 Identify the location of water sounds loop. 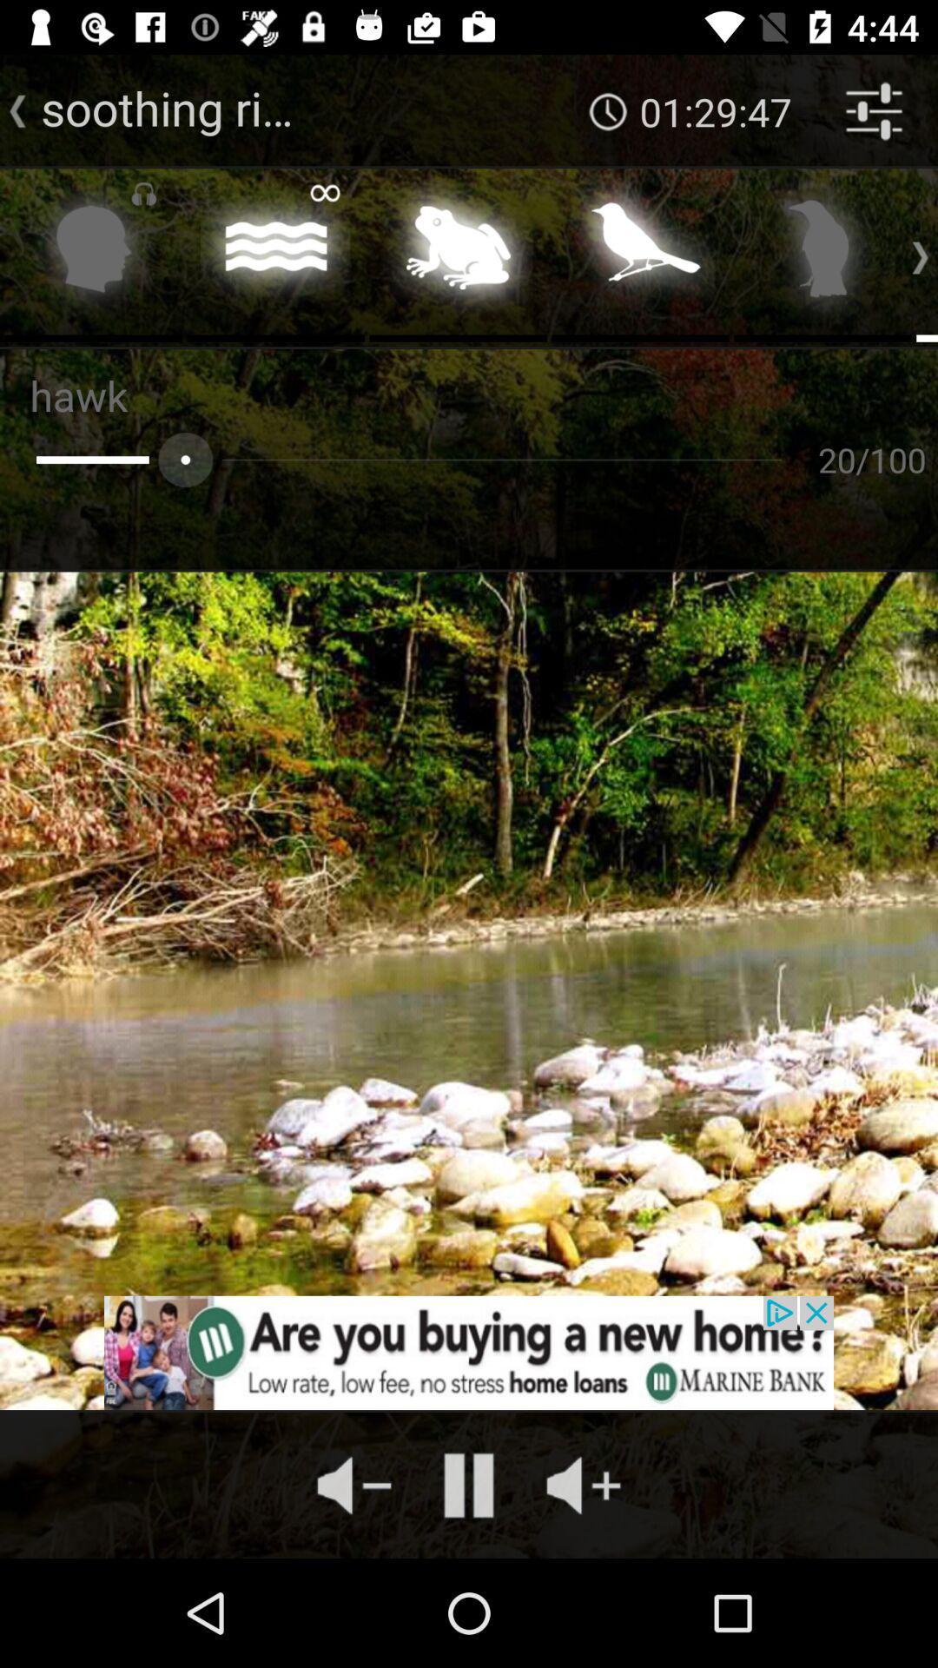
(274, 253).